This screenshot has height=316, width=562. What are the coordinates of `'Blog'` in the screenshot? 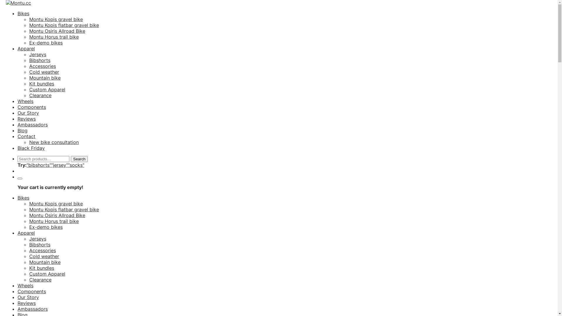 It's located at (17, 130).